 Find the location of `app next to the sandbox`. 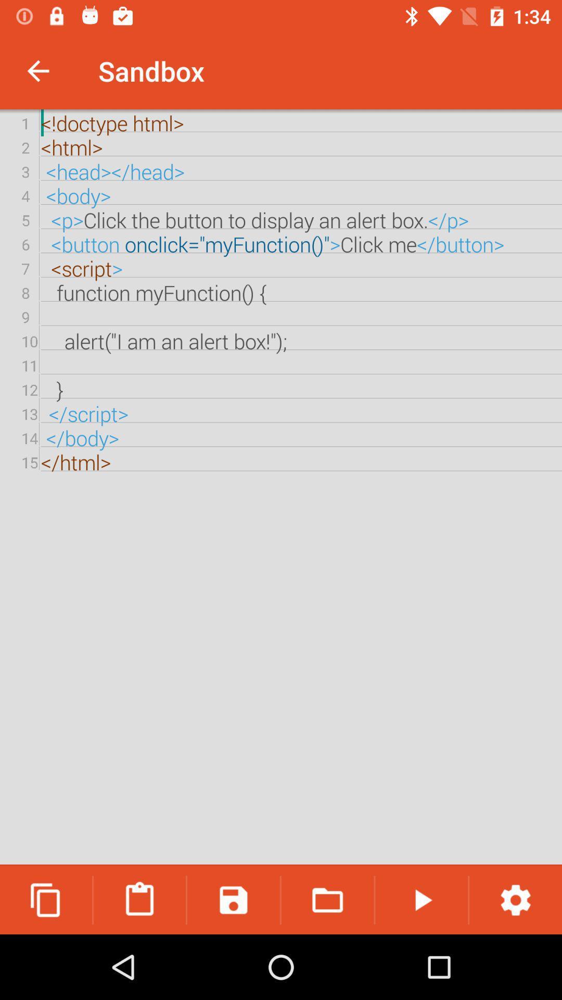

app next to the sandbox is located at coordinates (37, 70).